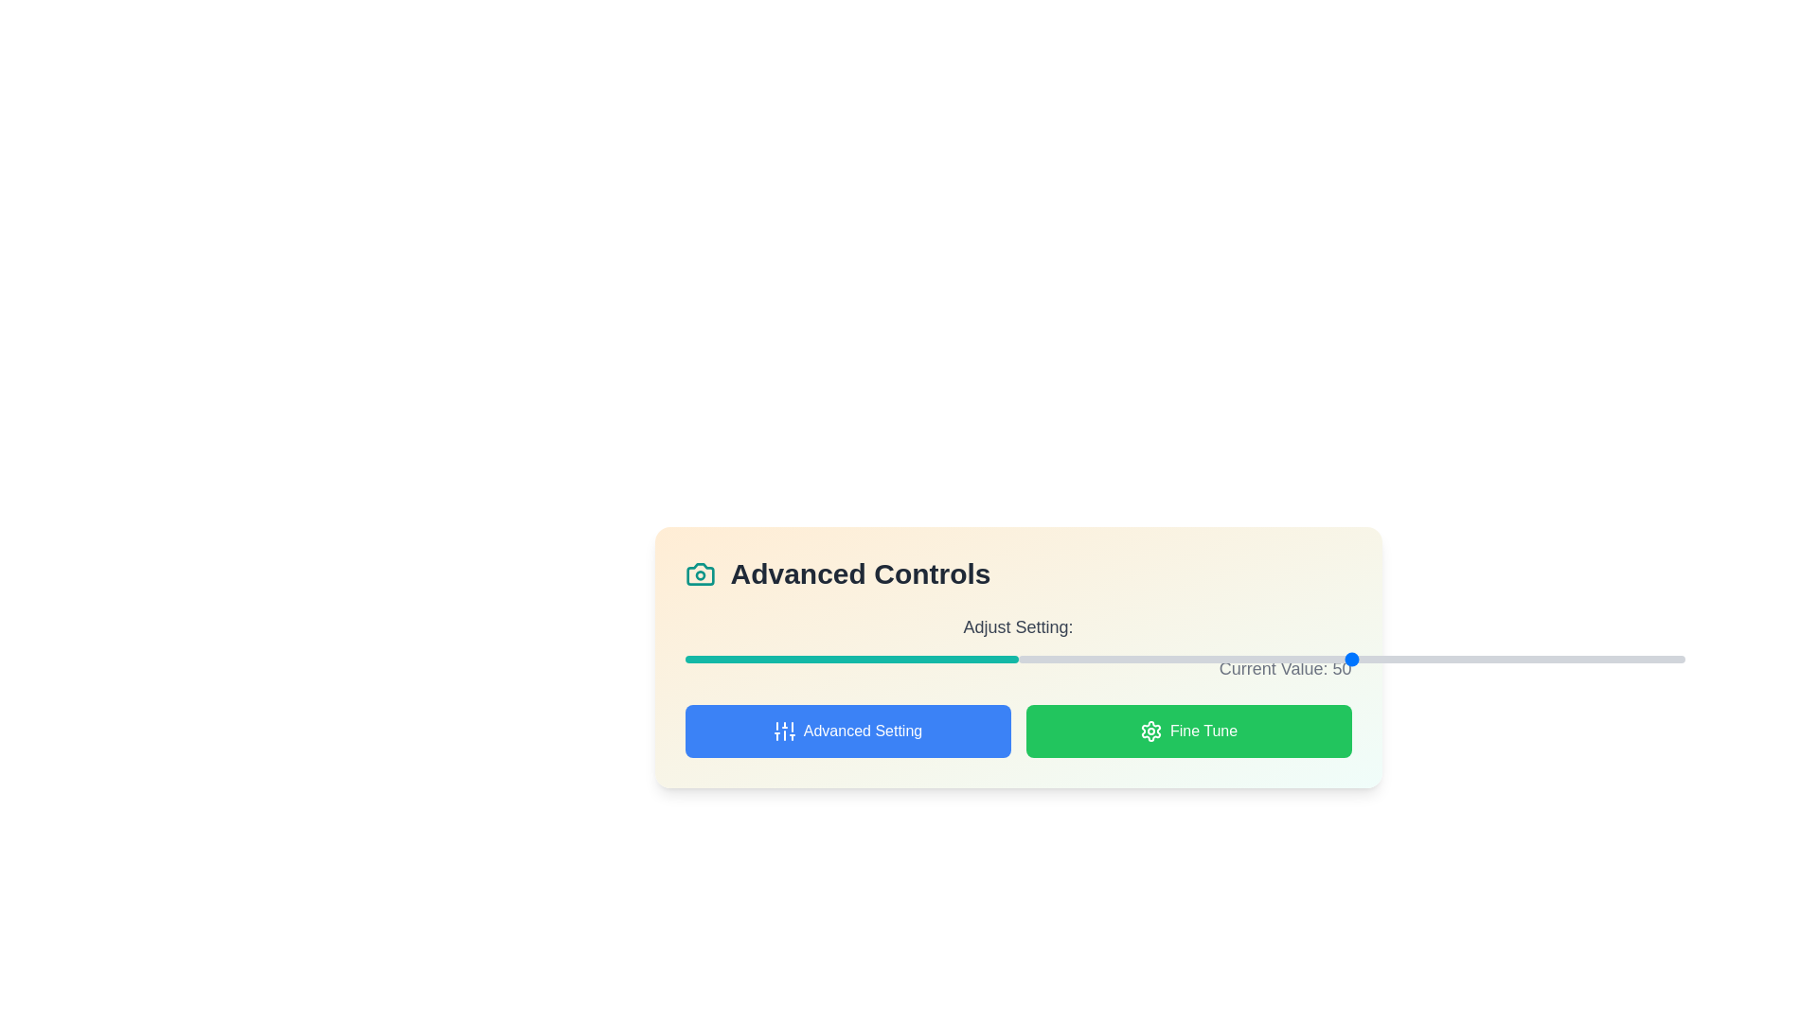 This screenshot has width=1818, height=1022. I want to click on the slider value, so click(1177, 659).